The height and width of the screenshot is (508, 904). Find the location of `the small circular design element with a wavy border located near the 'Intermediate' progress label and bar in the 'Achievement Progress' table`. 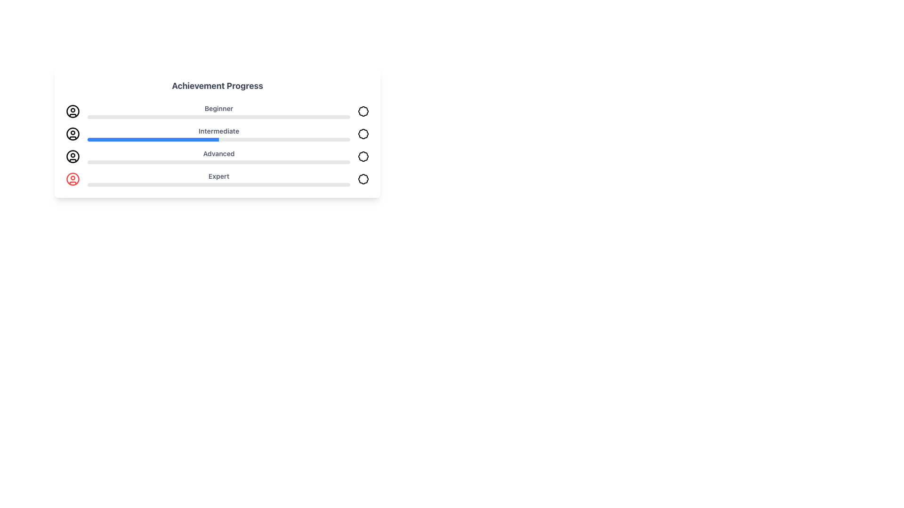

the small circular design element with a wavy border located near the 'Intermediate' progress label and bar in the 'Achievement Progress' table is located at coordinates (363, 134).